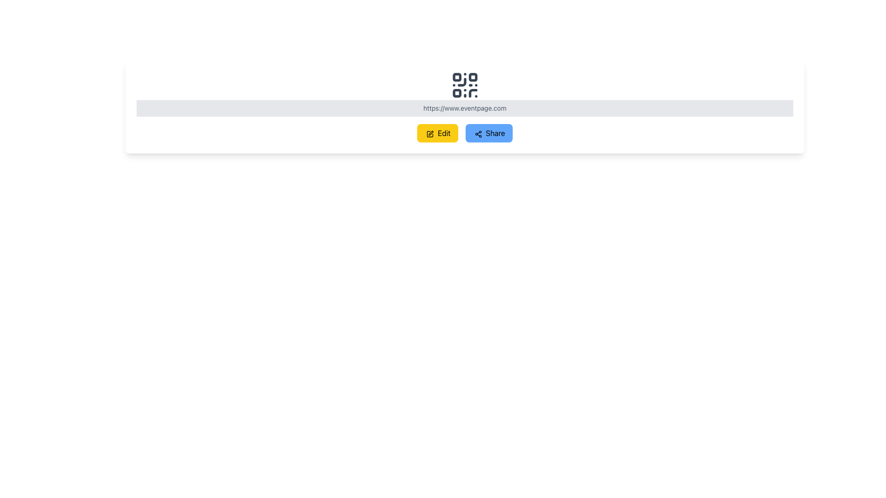  What do you see at coordinates (437, 133) in the screenshot?
I see `the 'Edit' button, which has a yellow background, rounded corners, and contains a pencil icon` at bounding box center [437, 133].